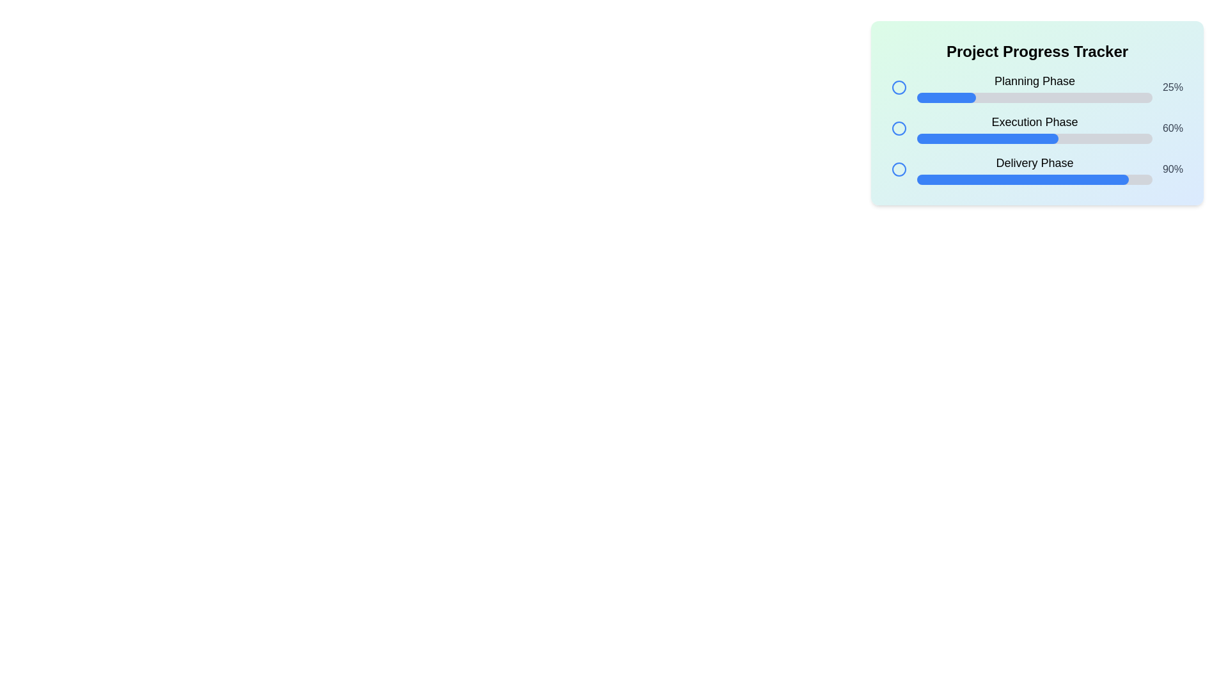 The image size is (1228, 691). What do you see at coordinates (1172, 128) in the screenshot?
I see `numerical percentage text labeled '60%' located at the rightmost side of the 'Execution Phase' row in the progress tracker interface` at bounding box center [1172, 128].